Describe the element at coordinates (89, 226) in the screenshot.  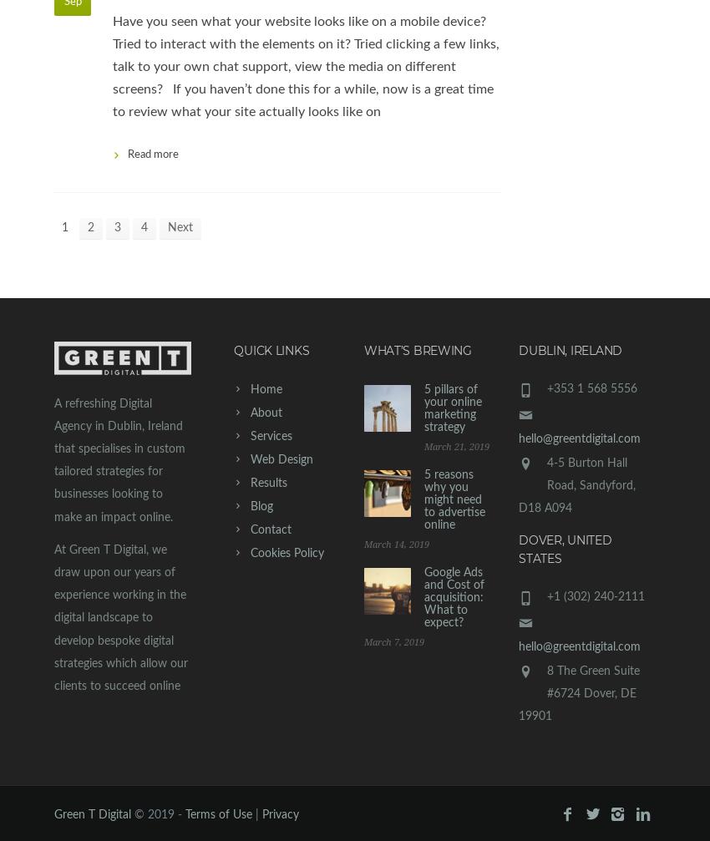
I see `'2'` at that location.